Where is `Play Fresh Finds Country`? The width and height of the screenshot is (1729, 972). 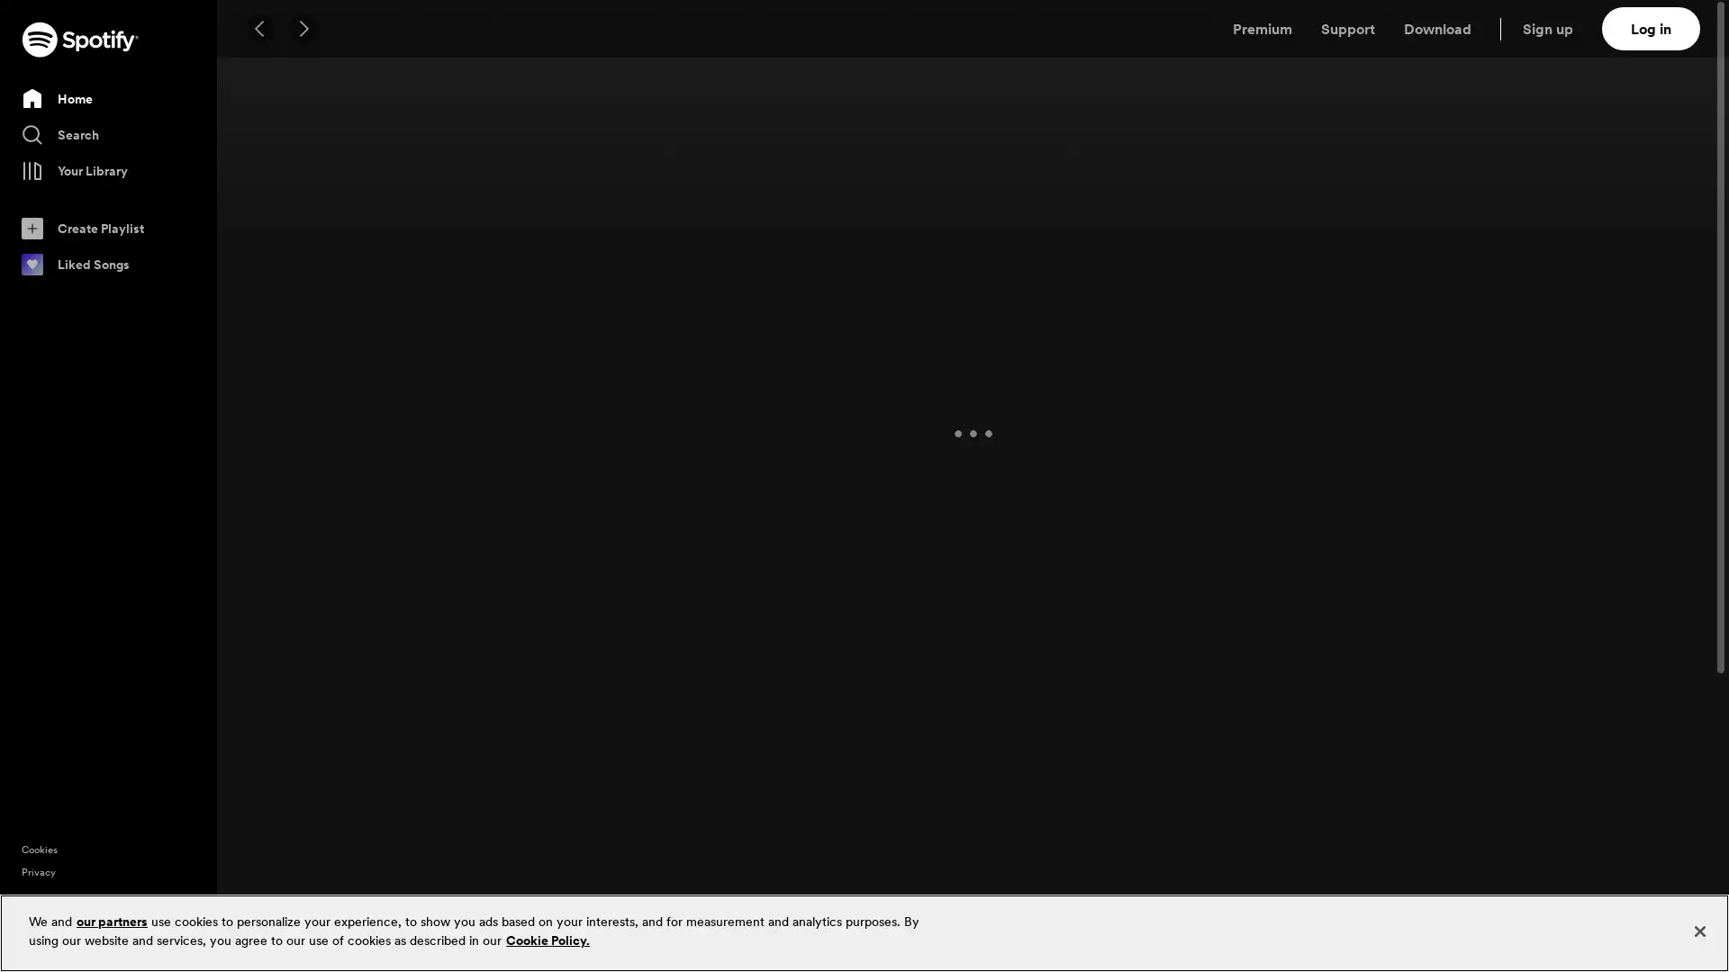 Play Fresh Finds Country is located at coordinates (1287, 249).